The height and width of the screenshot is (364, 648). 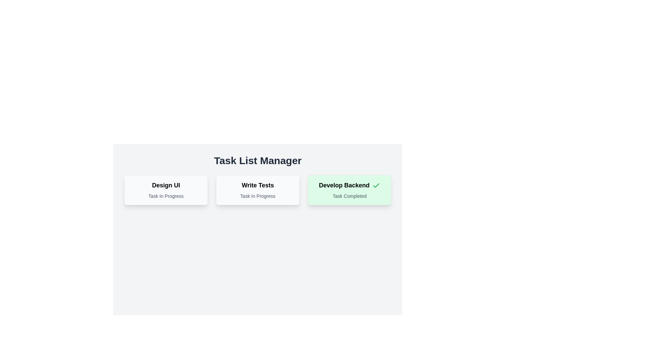 What do you see at coordinates (350, 190) in the screenshot?
I see `the 'Develop Backend' task status card, which is the third card in a row of three cards, indicating that the task is completed` at bounding box center [350, 190].